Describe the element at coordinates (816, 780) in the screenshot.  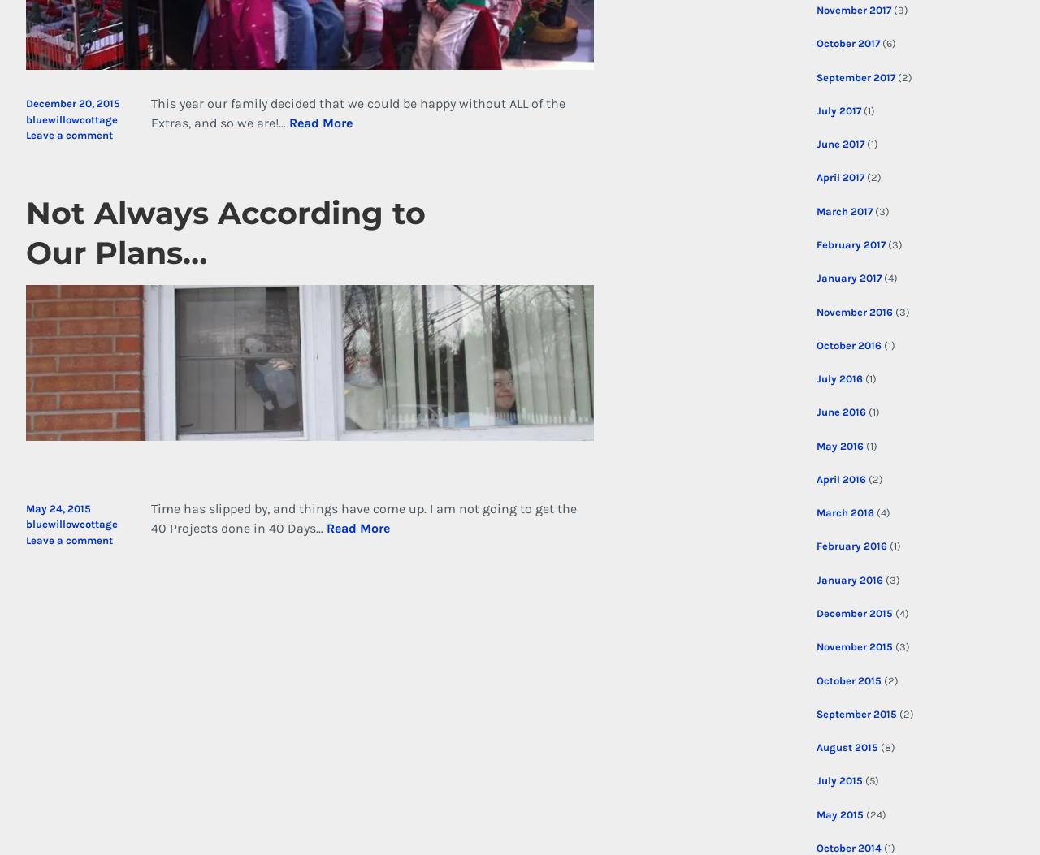
I see `'July 2015'` at that location.